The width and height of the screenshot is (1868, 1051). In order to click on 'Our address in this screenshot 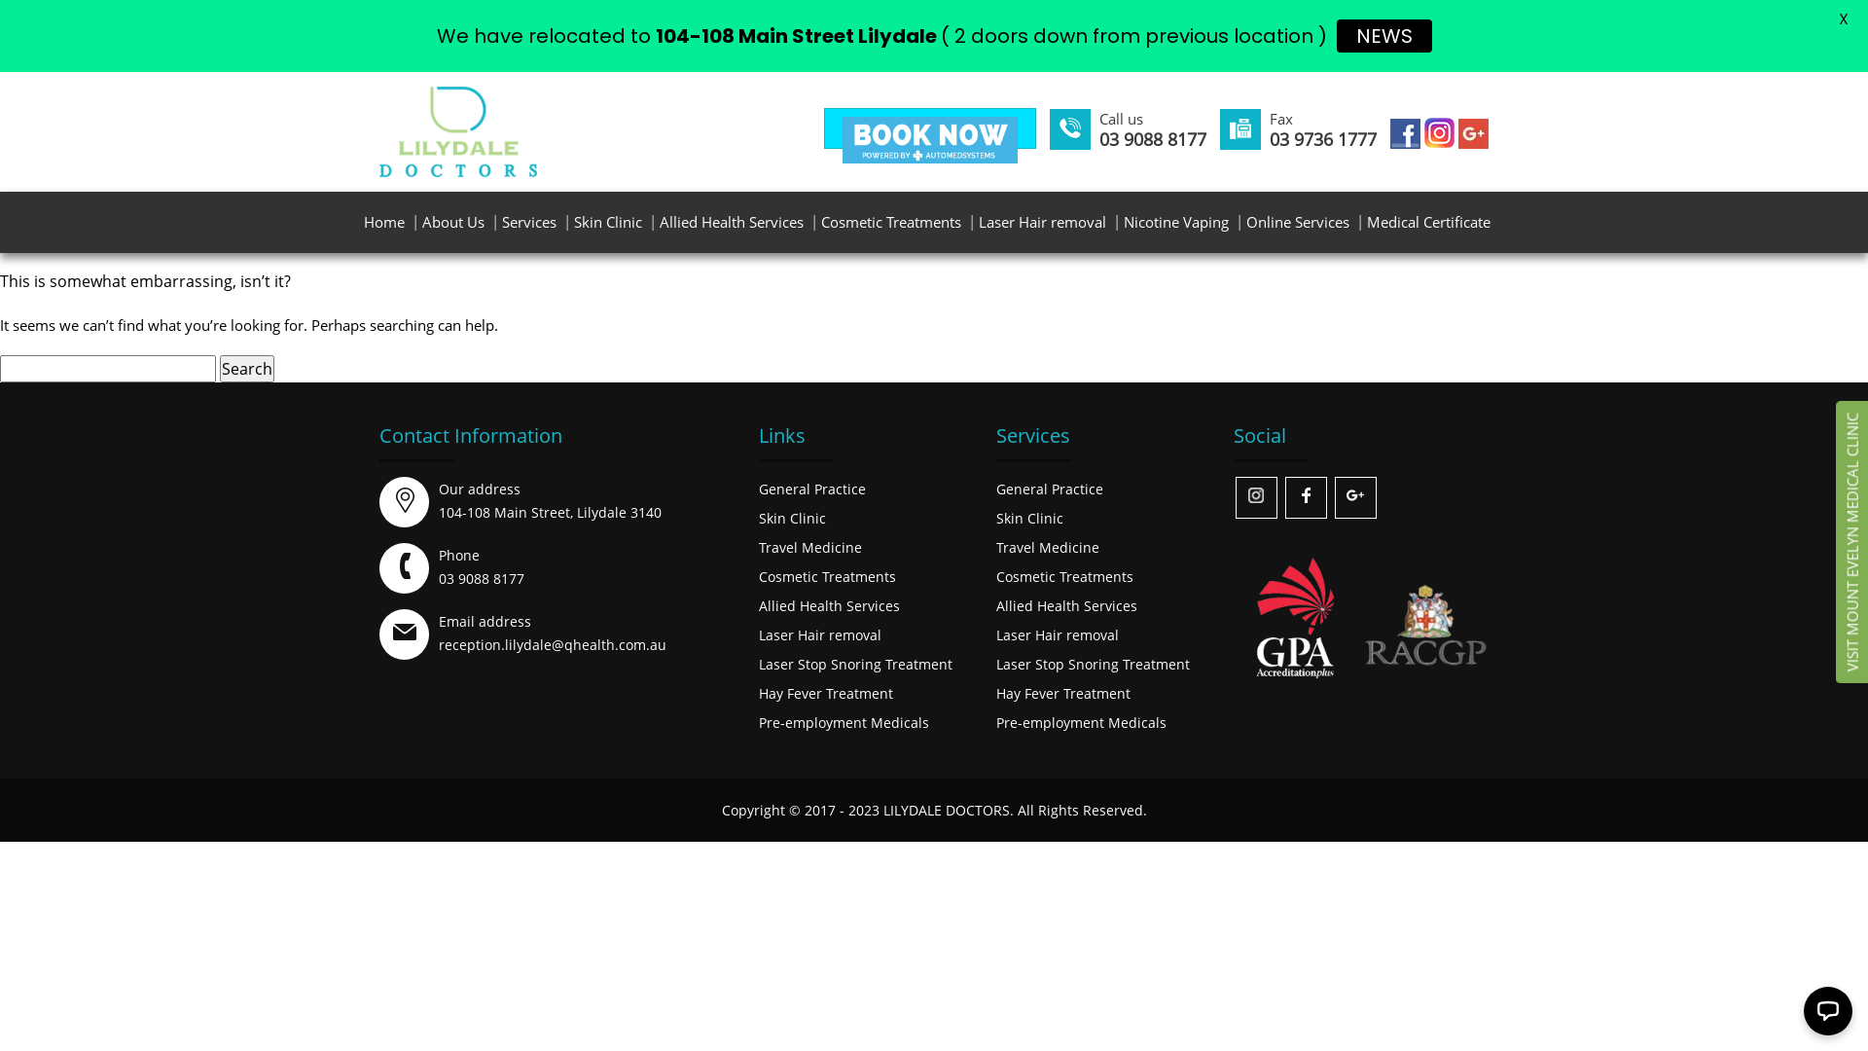, I will do `click(549, 499)`.